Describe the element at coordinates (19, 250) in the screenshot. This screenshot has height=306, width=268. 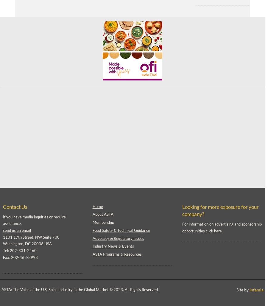
I see `'Tel: 202-331-2460'` at that location.